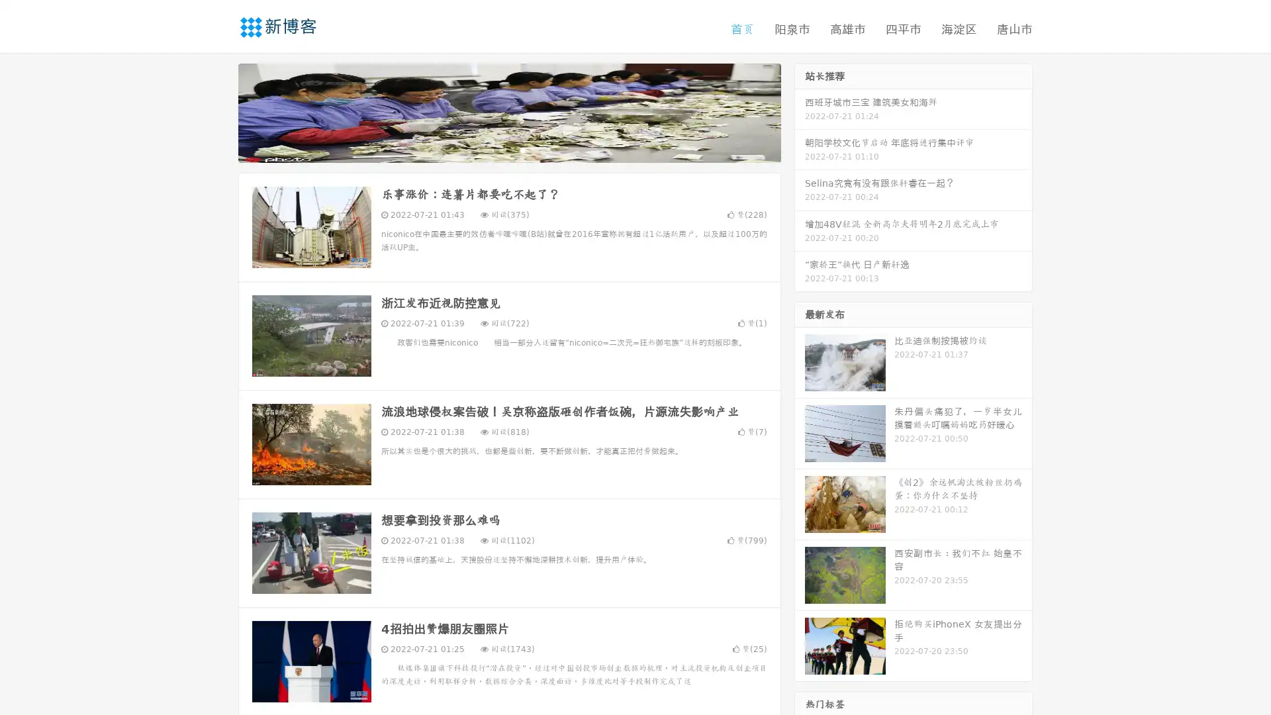 Image resolution: width=1271 pixels, height=715 pixels. What do you see at coordinates (508, 149) in the screenshot?
I see `Go to slide 2` at bounding box center [508, 149].